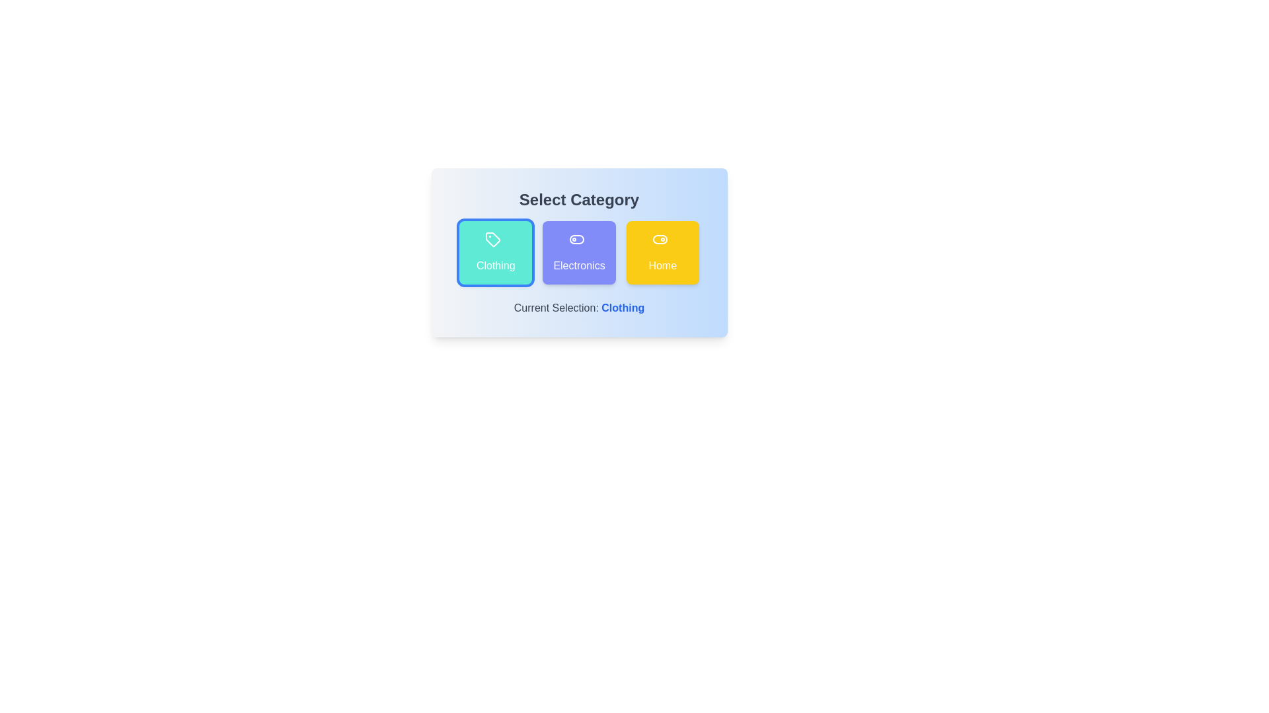 The image size is (1269, 713). Describe the element at coordinates (495, 252) in the screenshot. I see `the 'Clothing' button to select the 'Clothing' category` at that location.